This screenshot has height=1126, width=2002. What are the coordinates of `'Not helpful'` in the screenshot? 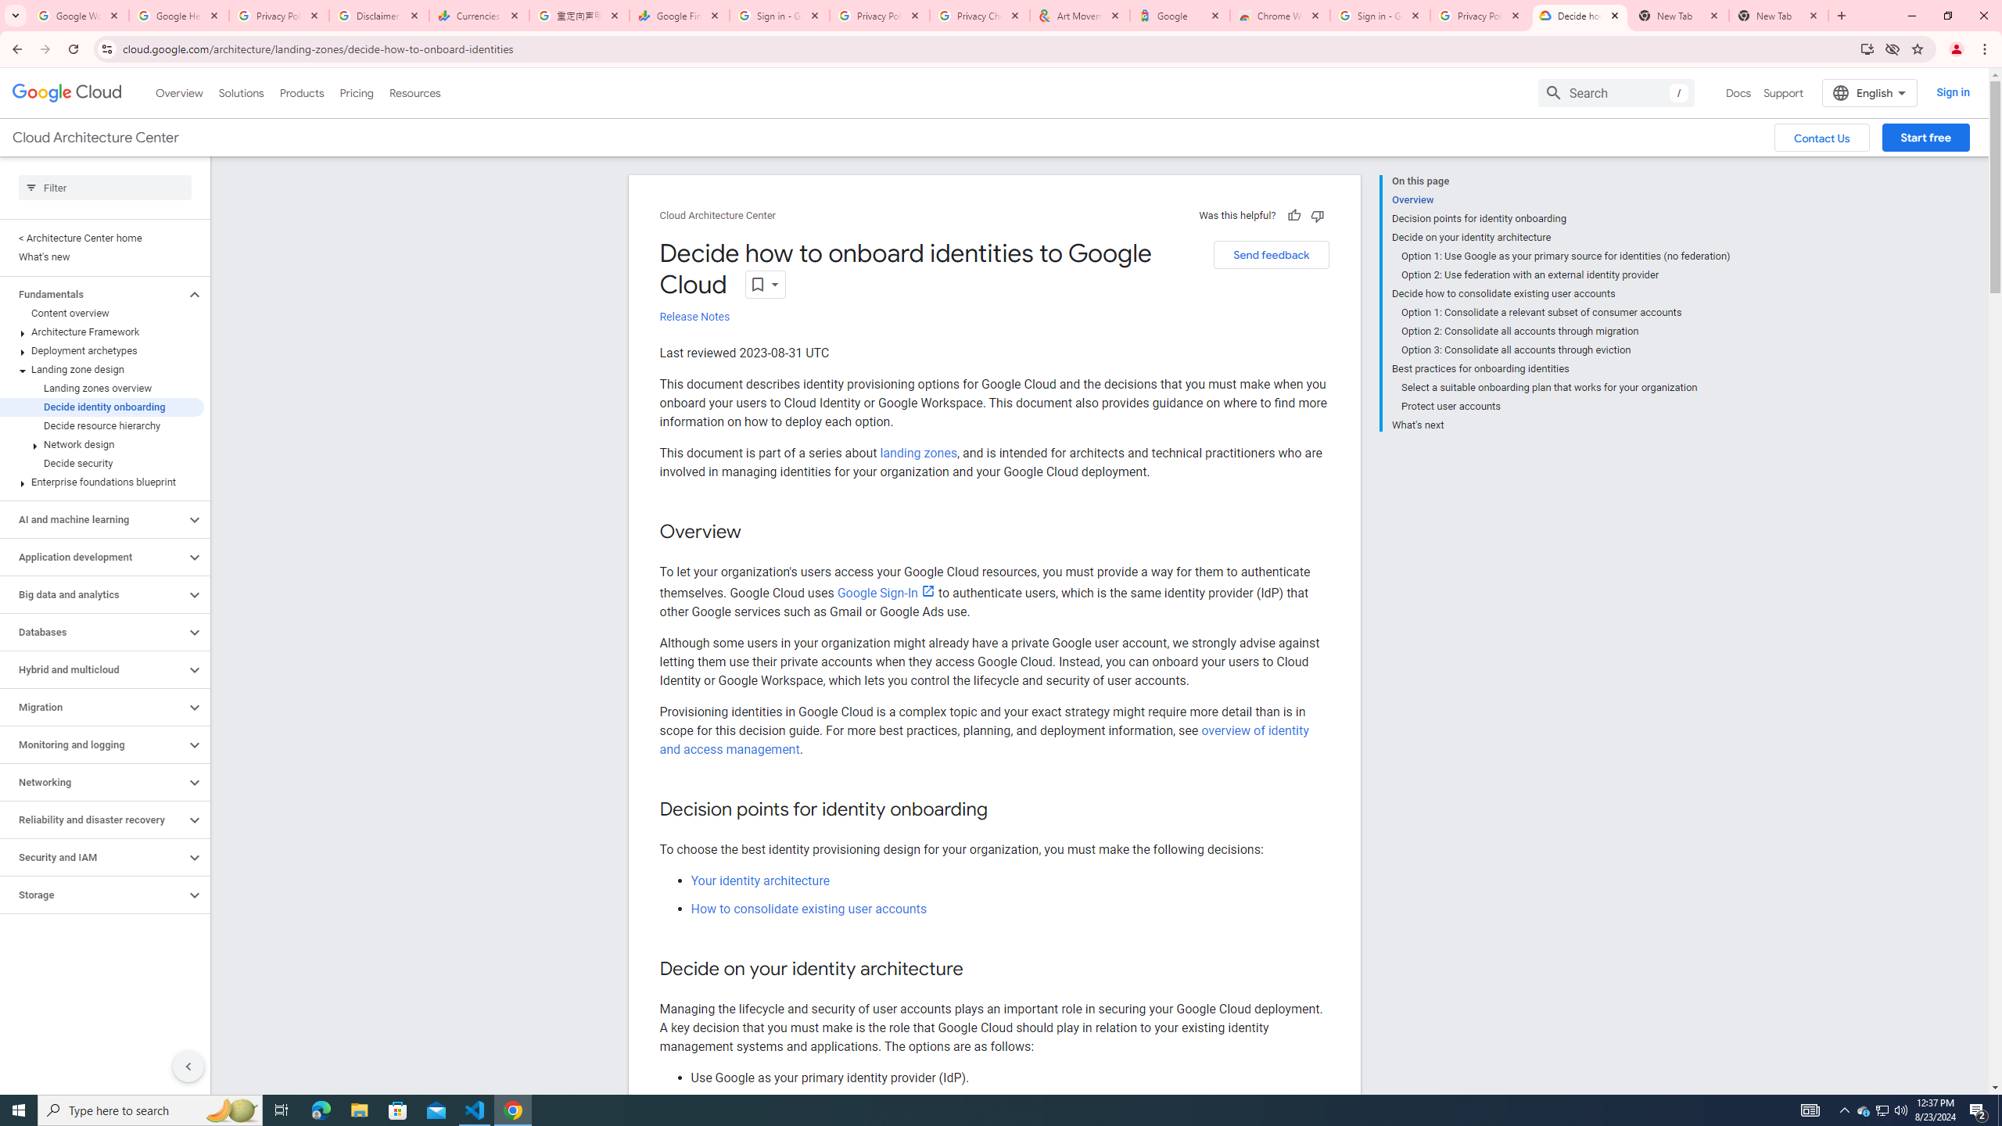 It's located at (1316, 215).